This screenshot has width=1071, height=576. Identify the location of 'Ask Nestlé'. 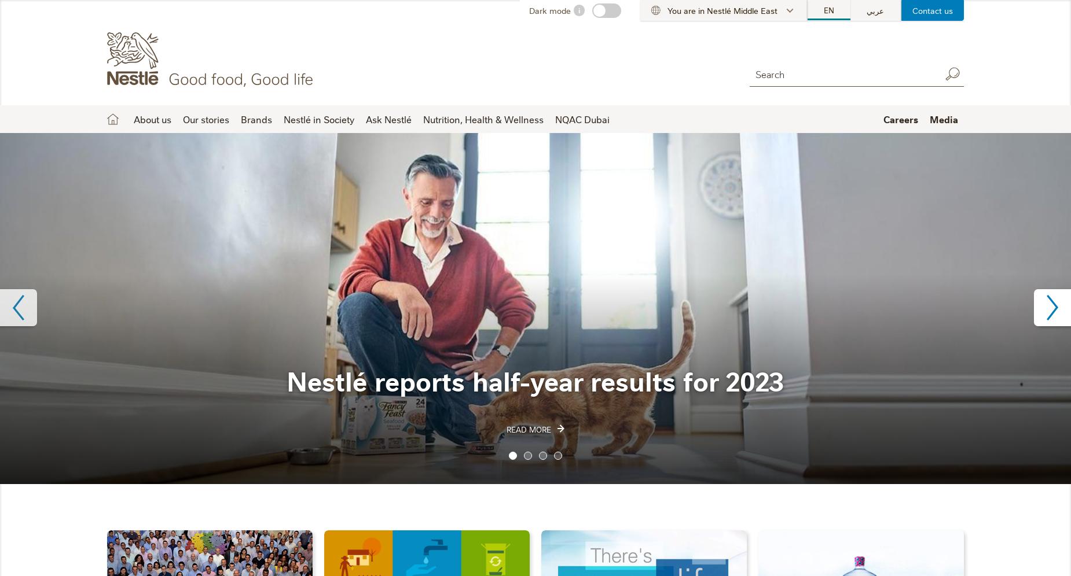
(388, 119).